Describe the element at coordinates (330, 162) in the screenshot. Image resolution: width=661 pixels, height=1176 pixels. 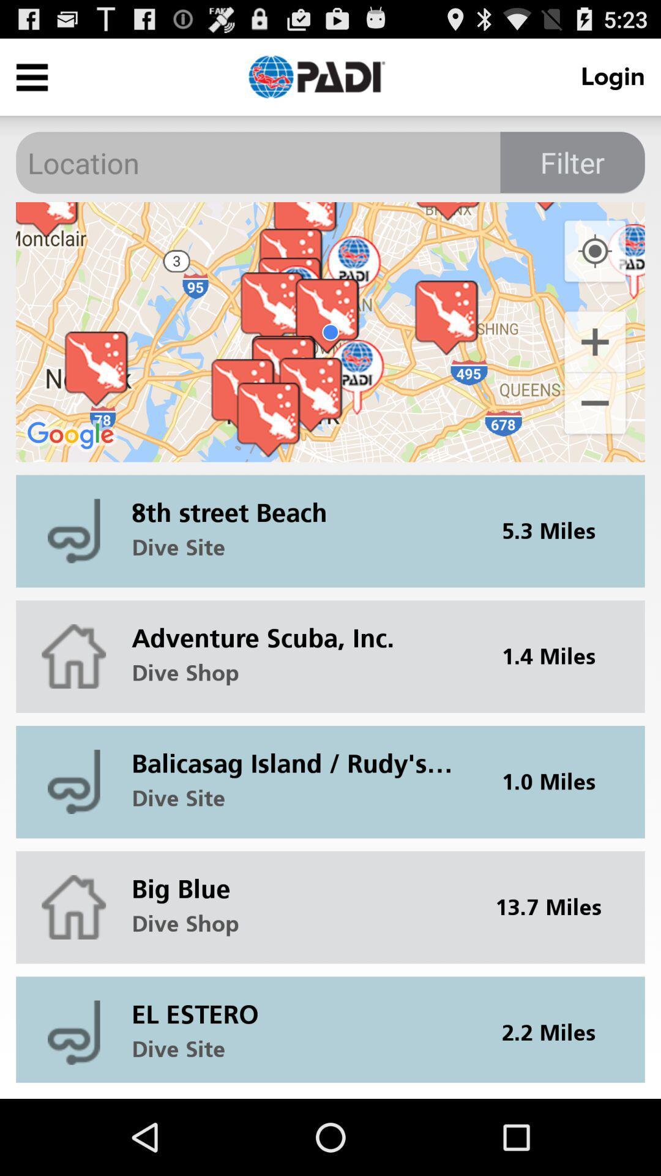
I see `location` at that location.